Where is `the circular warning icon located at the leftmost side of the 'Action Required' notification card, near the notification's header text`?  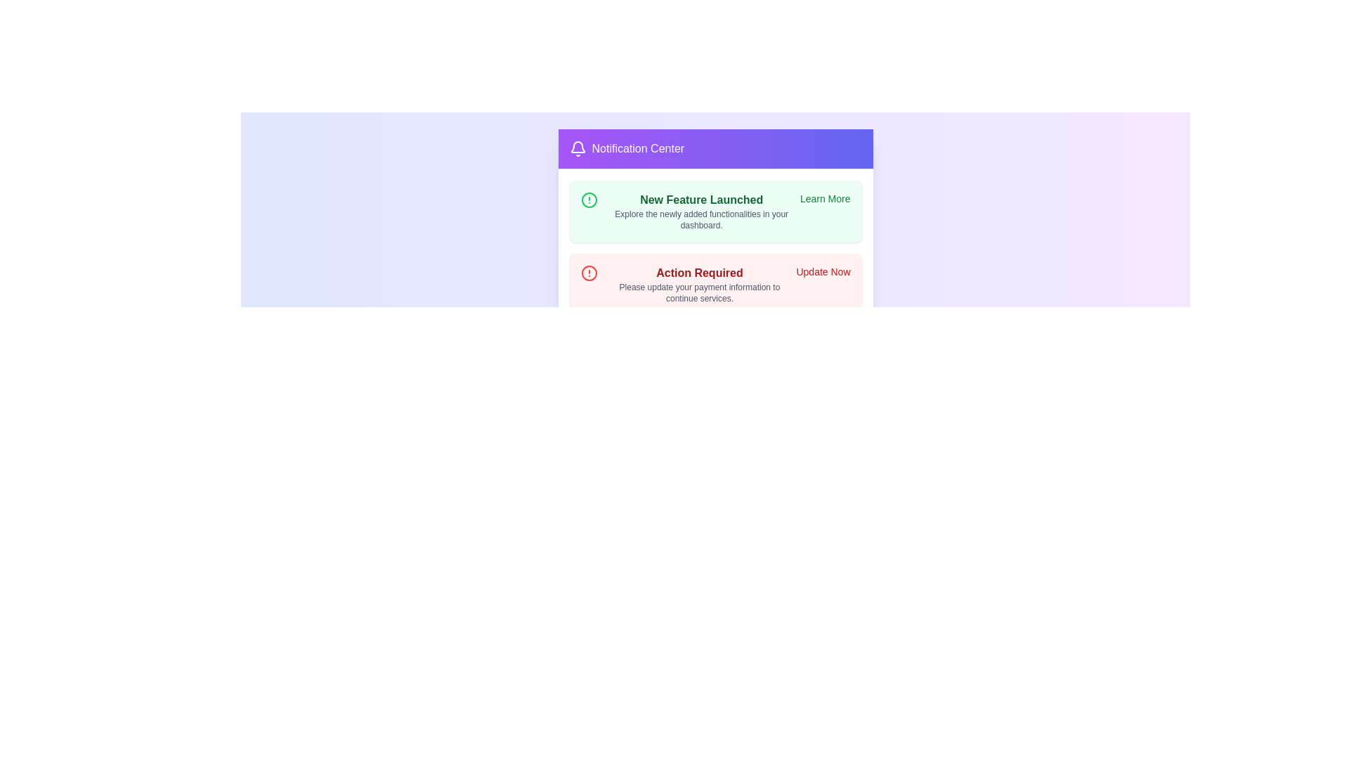 the circular warning icon located at the leftmost side of the 'Action Required' notification card, near the notification's header text is located at coordinates (589, 273).